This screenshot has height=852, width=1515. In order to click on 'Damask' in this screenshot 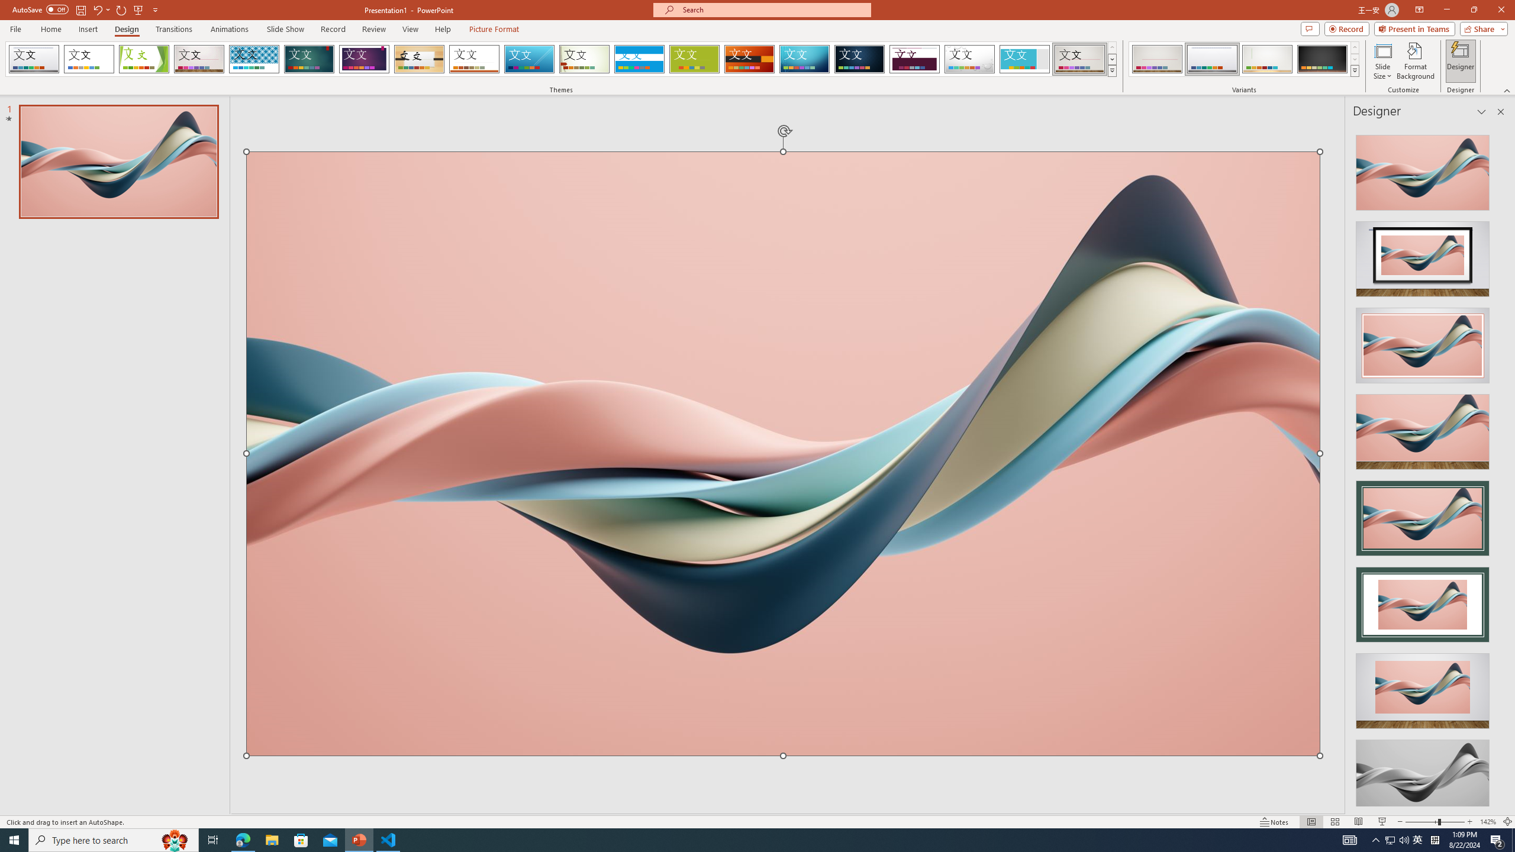, I will do `click(859, 59)`.